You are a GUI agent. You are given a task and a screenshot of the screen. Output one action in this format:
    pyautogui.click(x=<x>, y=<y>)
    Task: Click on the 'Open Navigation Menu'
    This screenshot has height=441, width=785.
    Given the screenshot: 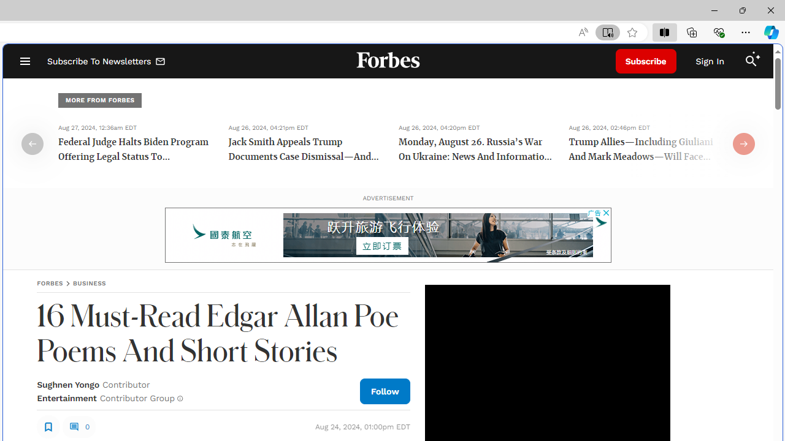 What is the action you would take?
    pyautogui.click(x=25, y=61)
    